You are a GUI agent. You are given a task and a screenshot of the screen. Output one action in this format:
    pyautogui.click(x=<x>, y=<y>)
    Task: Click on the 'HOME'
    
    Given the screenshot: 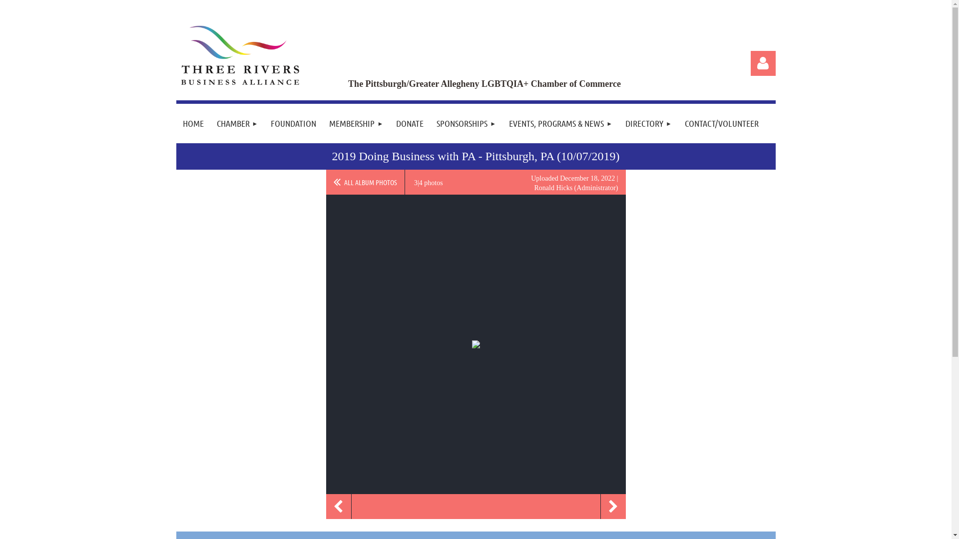 What is the action you would take?
    pyautogui.click(x=192, y=123)
    